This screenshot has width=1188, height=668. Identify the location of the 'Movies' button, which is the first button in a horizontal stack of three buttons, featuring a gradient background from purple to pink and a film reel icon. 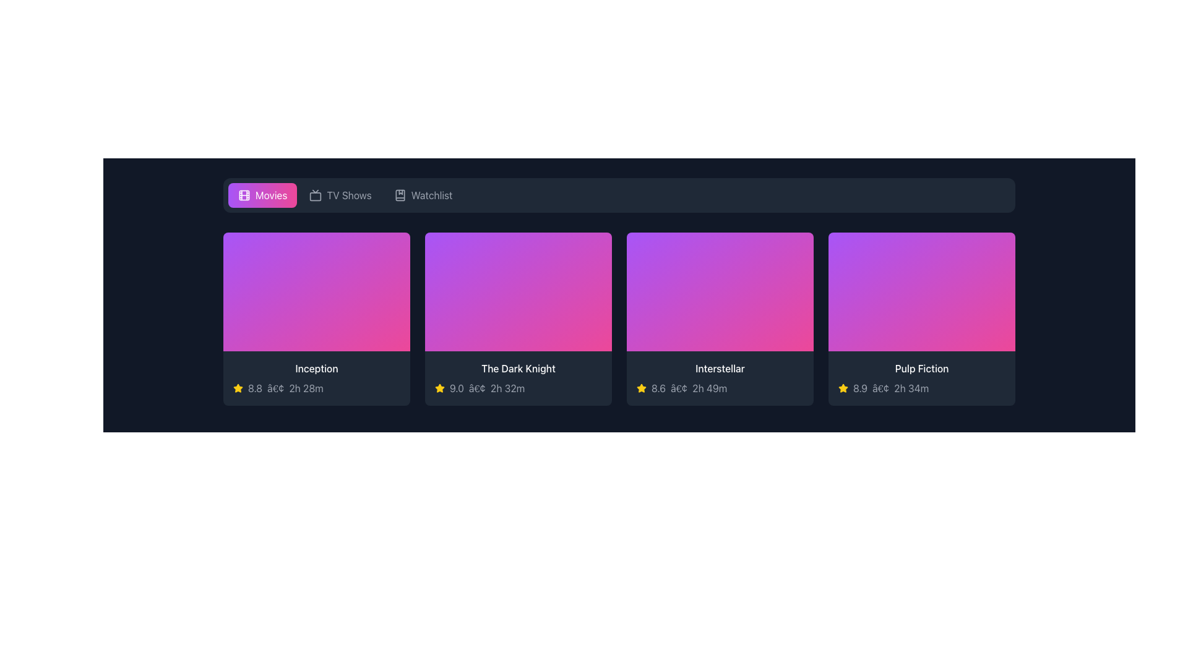
(262, 195).